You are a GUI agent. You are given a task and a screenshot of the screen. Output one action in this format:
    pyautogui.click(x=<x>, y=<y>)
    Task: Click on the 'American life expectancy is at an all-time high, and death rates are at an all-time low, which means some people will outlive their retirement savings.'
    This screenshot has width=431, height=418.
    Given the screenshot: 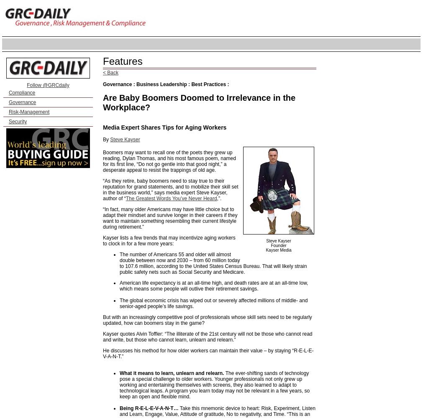 What is the action you would take?
    pyautogui.click(x=213, y=286)
    